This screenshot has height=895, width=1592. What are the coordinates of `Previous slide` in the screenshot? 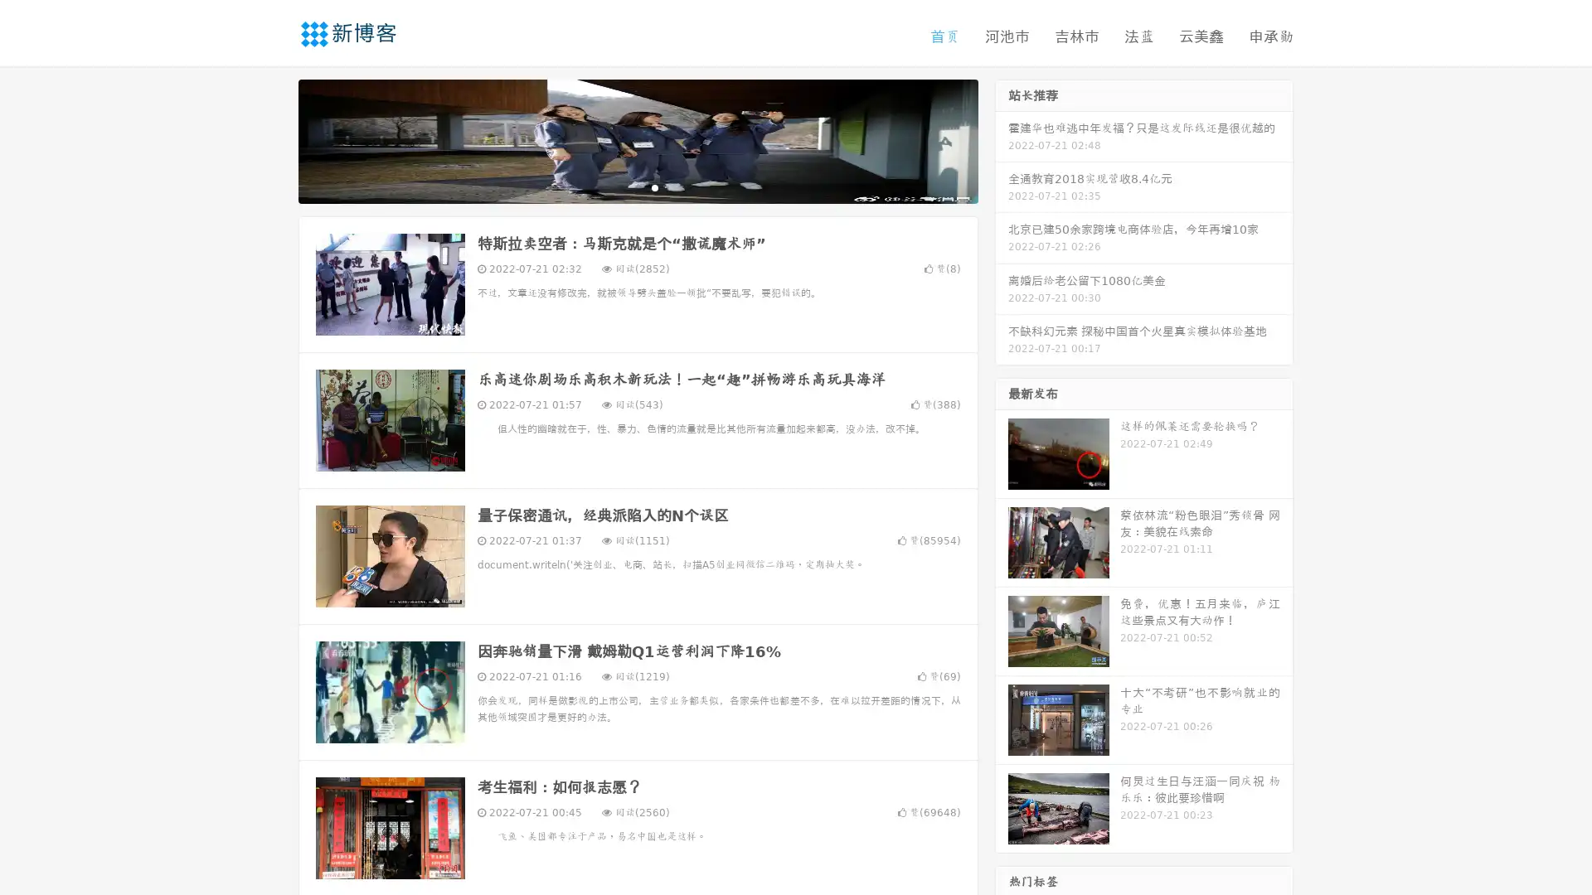 It's located at (274, 139).